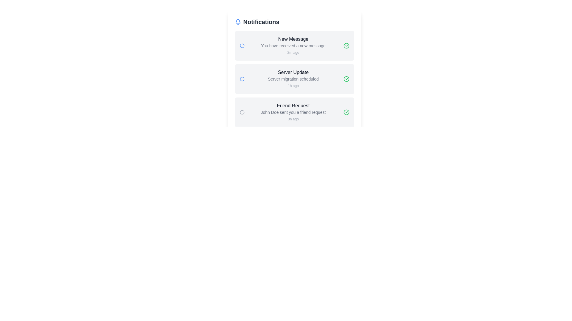 Image resolution: width=572 pixels, height=321 pixels. What do you see at coordinates (293, 105) in the screenshot?
I see `the 'Friend Request' static text element, which is styled with medium-sized gray font and located in the third notification card under the main title 'Notifications'` at bounding box center [293, 105].